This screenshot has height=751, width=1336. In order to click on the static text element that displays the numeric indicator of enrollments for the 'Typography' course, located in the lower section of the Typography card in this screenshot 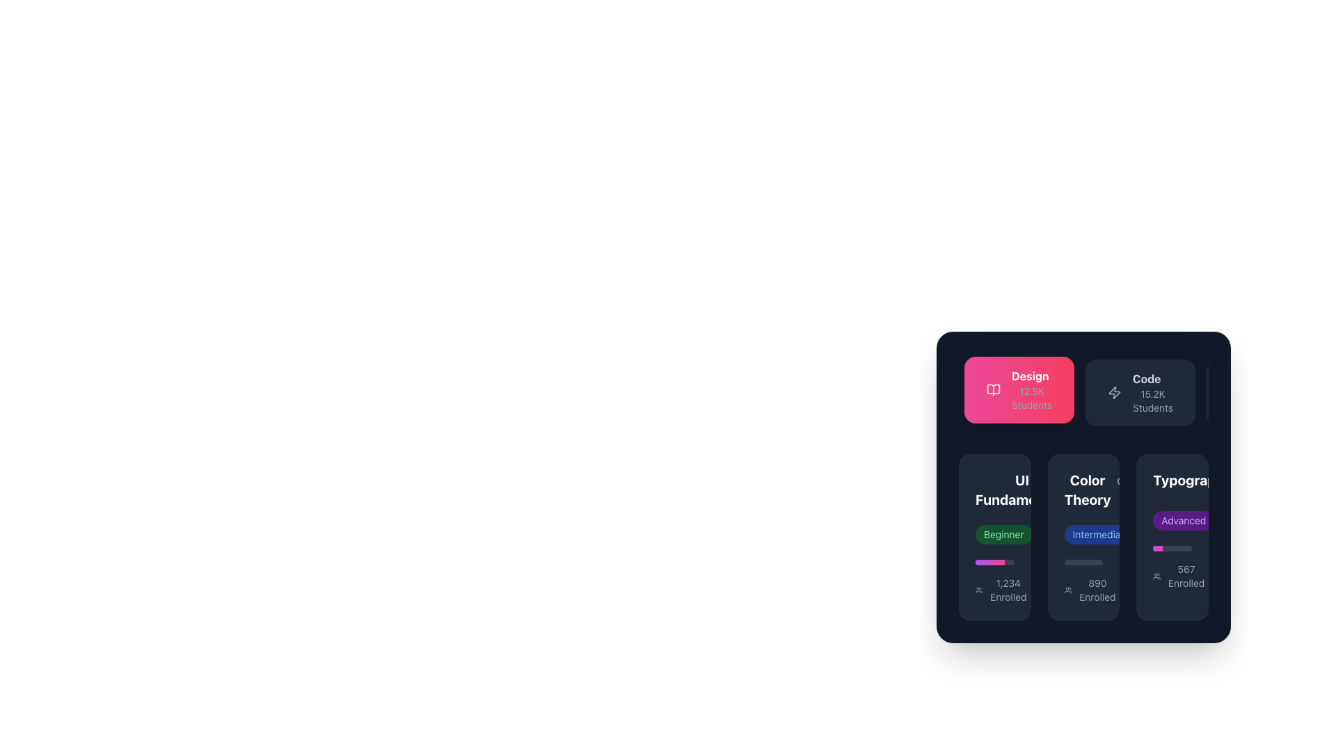, I will do `click(1172, 576)`.